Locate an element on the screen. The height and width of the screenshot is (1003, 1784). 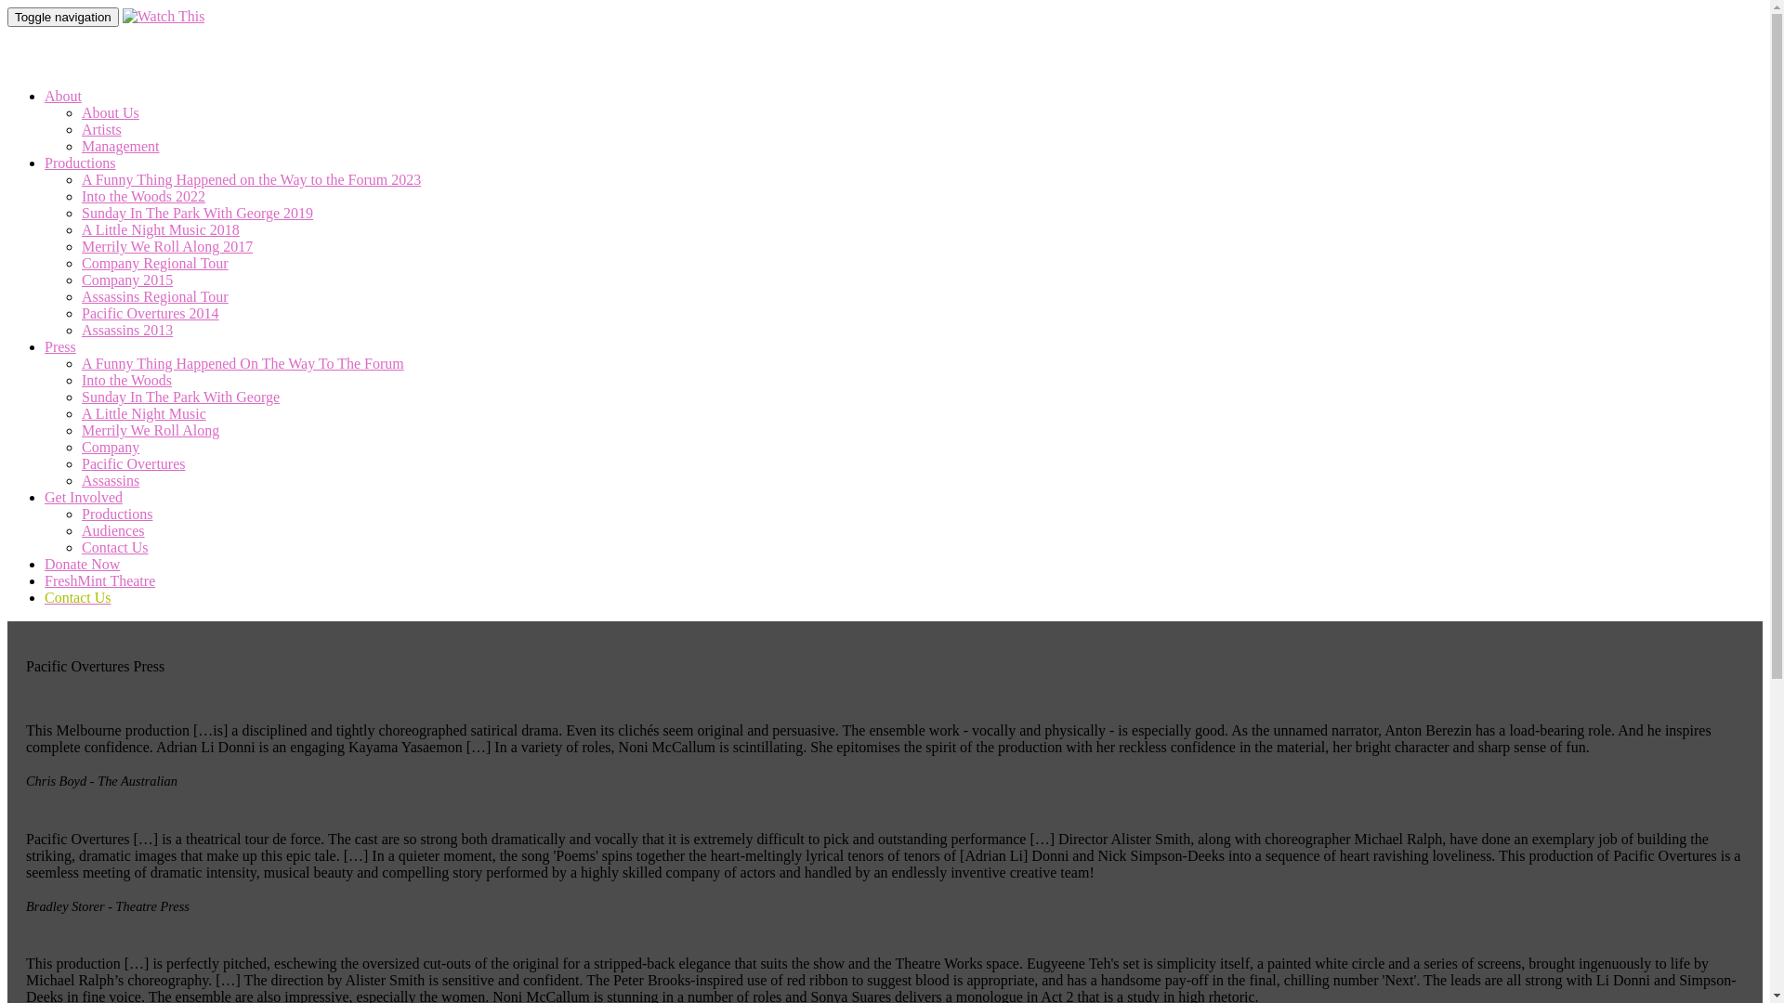
'Press' is located at coordinates (60, 346).